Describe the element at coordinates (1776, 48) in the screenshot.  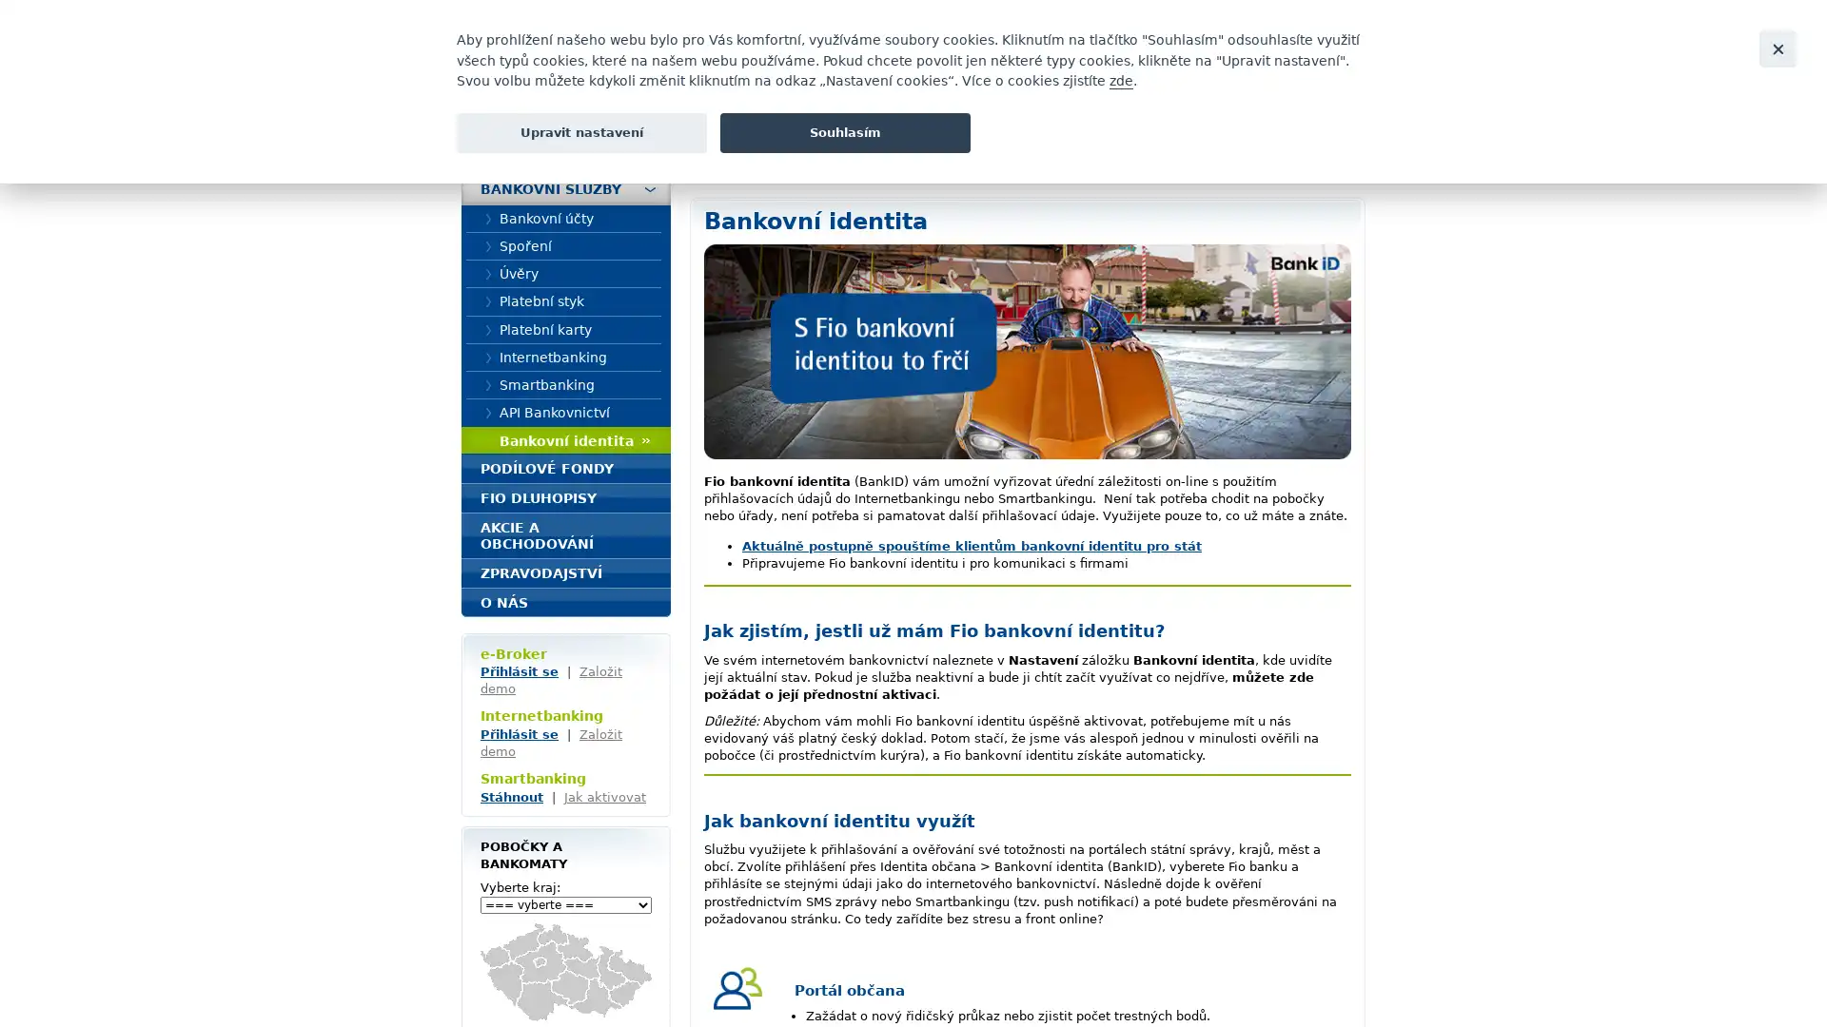
I see `Close` at that location.